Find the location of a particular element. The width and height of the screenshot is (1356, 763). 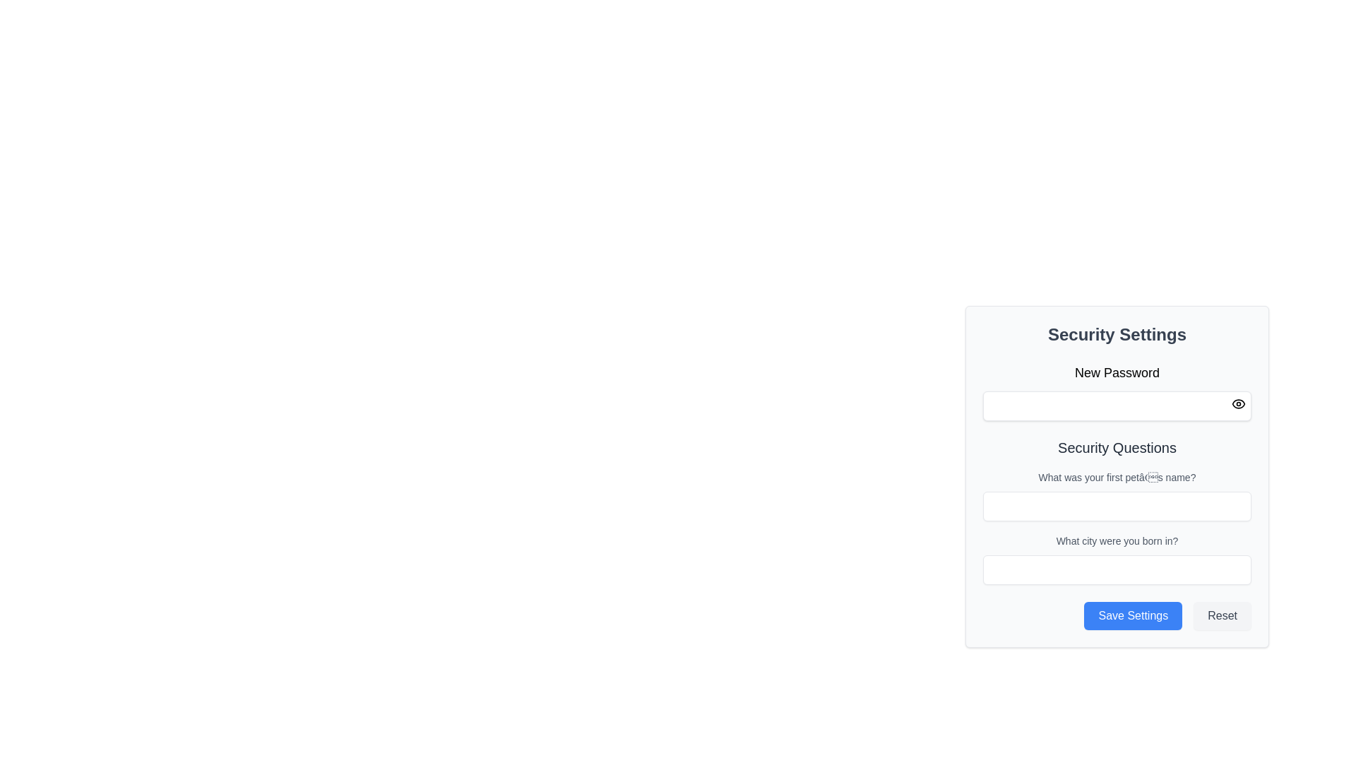

the reset button located at the bottom-right corner of the form is located at coordinates (1222, 615).